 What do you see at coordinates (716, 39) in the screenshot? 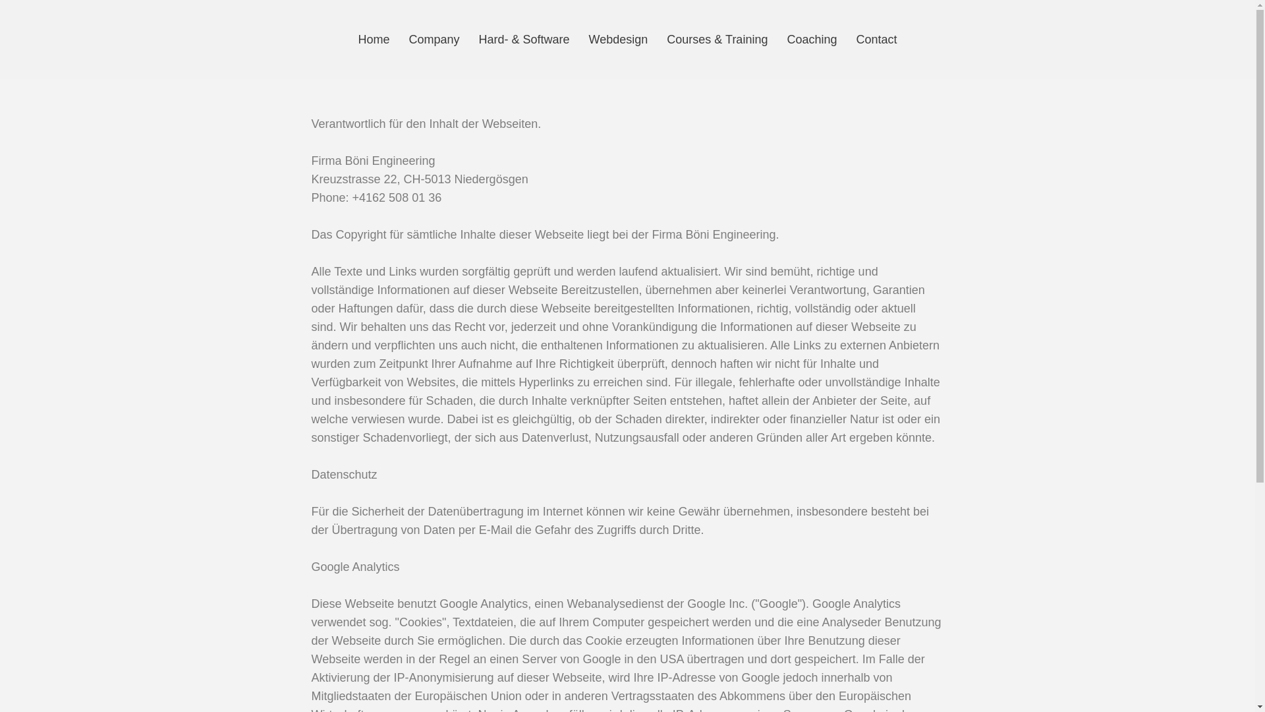
I see `'Courses & Training'` at bounding box center [716, 39].